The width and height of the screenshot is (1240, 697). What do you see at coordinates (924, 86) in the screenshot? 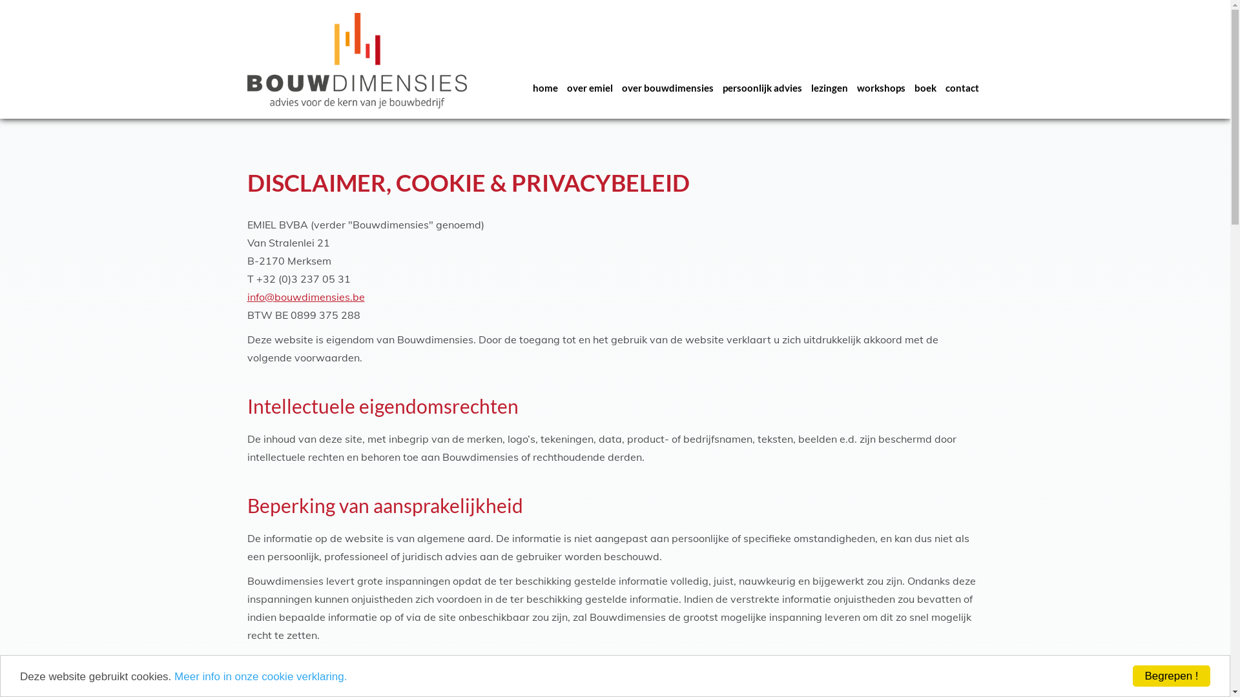
I see `'boek'` at bounding box center [924, 86].